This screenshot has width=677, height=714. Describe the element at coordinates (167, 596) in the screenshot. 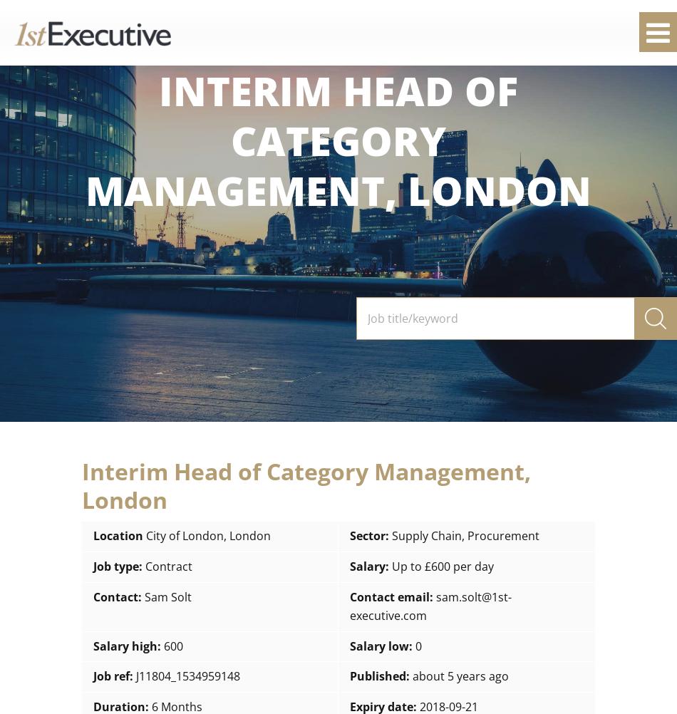

I see `'Sam Solt'` at that location.